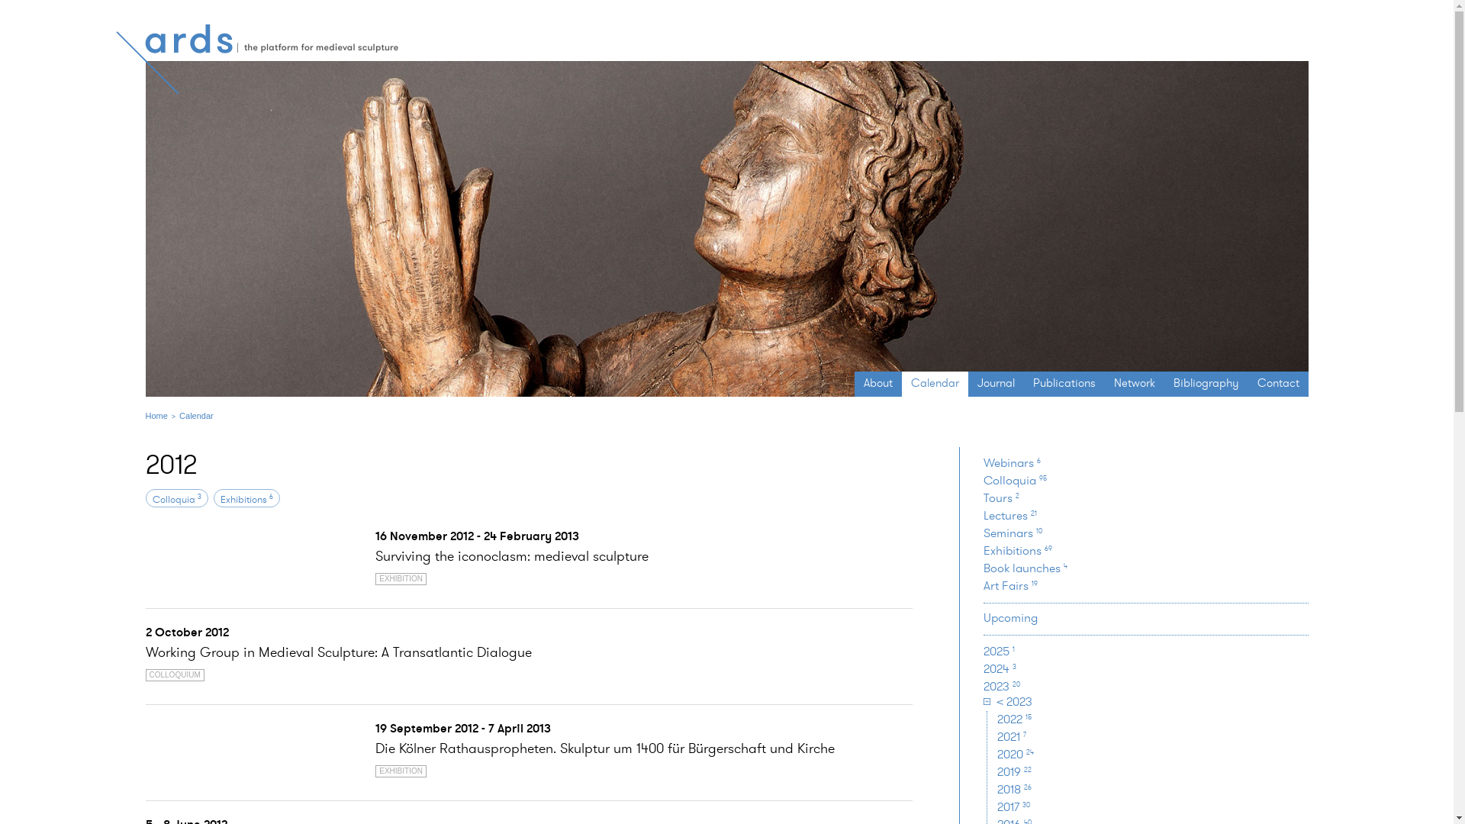 Image resolution: width=1465 pixels, height=824 pixels. What do you see at coordinates (984, 479) in the screenshot?
I see `'Colloquia 95'` at bounding box center [984, 479].